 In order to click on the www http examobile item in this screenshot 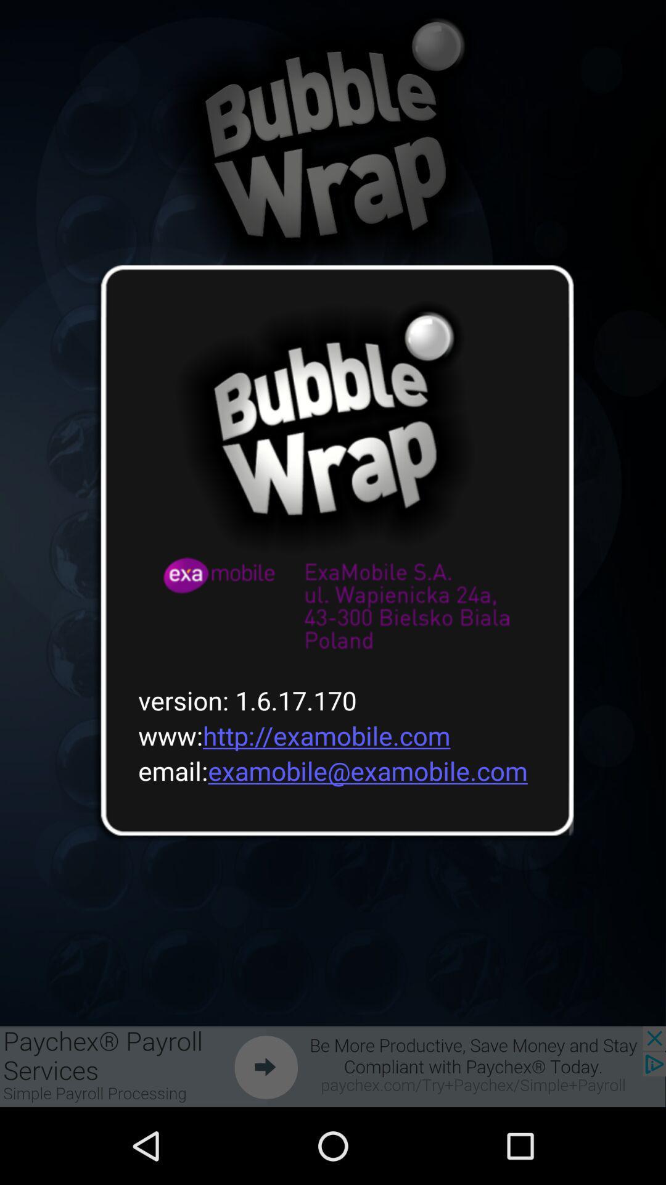, I will do `click(286, 735)`.